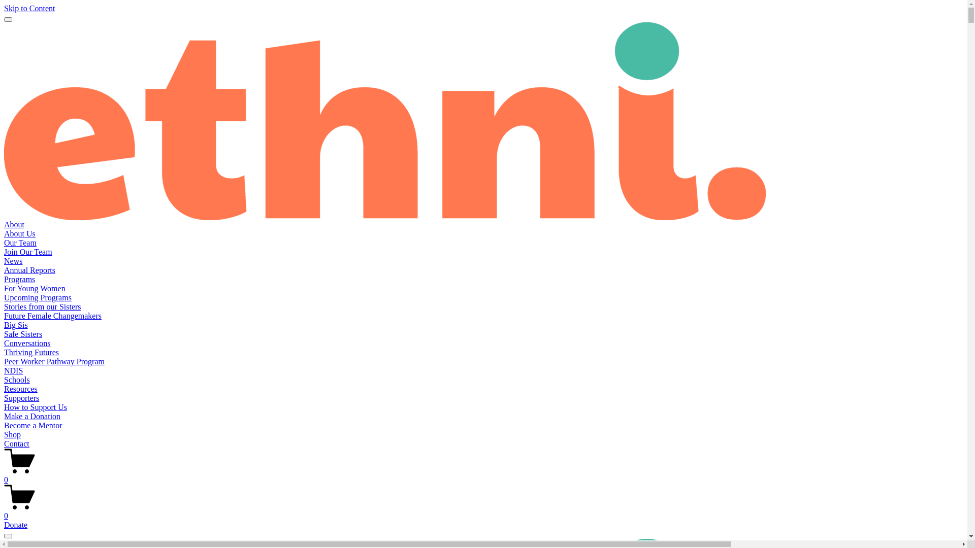 This screenshot has width=975, height=548. What do you see at coordinates (4, 325) in the screenshot?
I see `'Big Sis'` at bounding box center [4, 325].